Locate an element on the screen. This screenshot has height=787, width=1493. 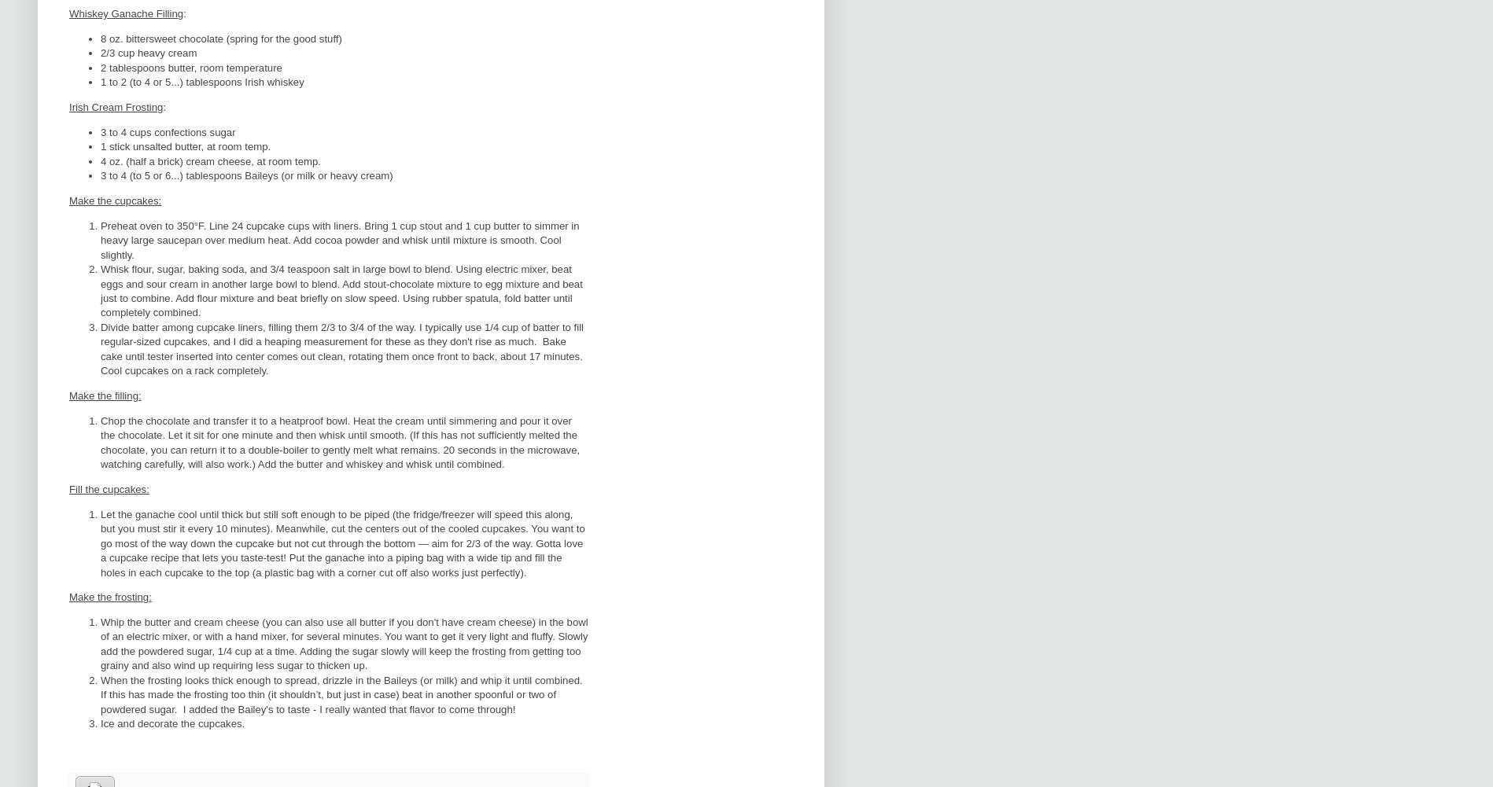
'4 oz. (half a brick) cream cheese, at room temp.' is located at coordinates (209, 160).